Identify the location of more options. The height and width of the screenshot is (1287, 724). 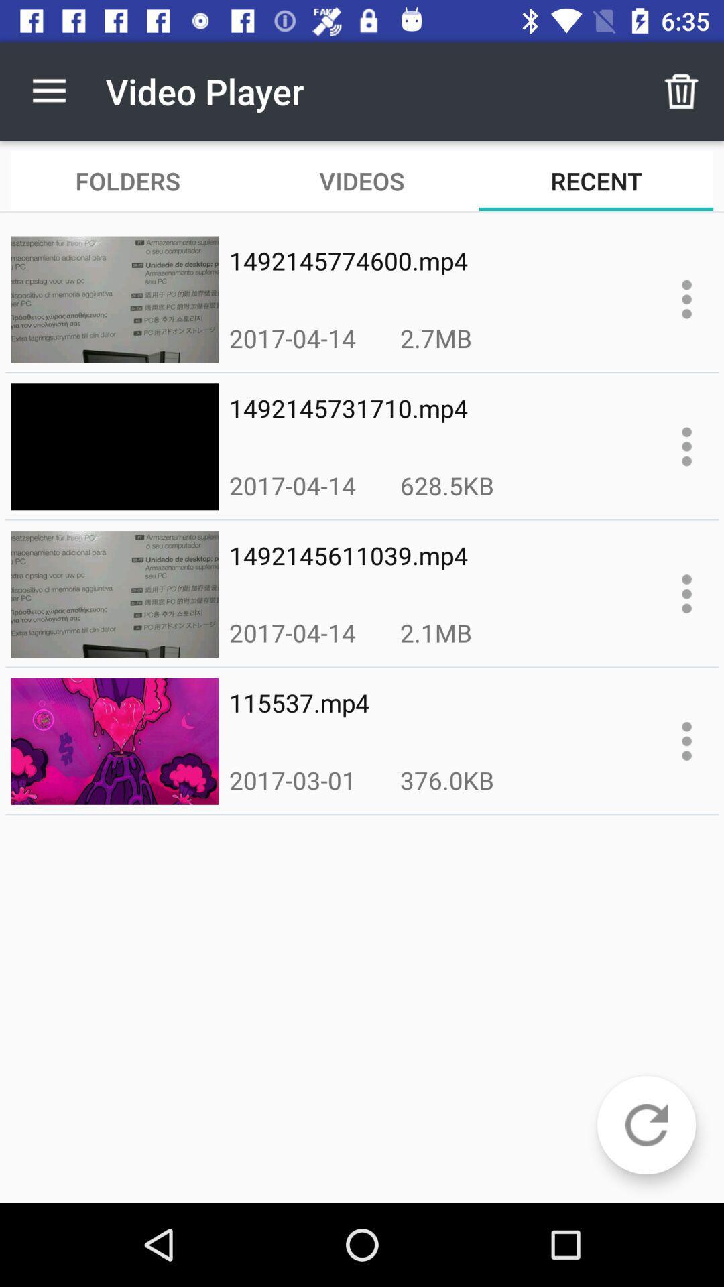
(686, 446).